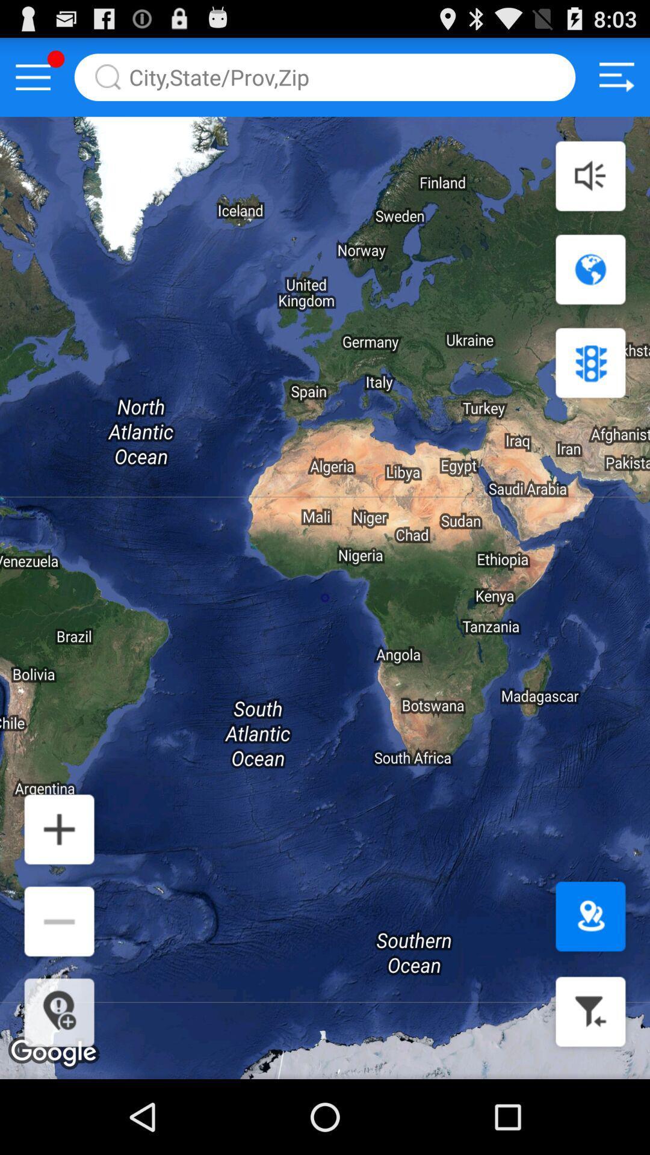 The width and height of the screenshot is (650, 1155). What do you see at coordinates (590, 1083) in the screenshot?
I see `the filter icon` at bounding box center [590, 1083].